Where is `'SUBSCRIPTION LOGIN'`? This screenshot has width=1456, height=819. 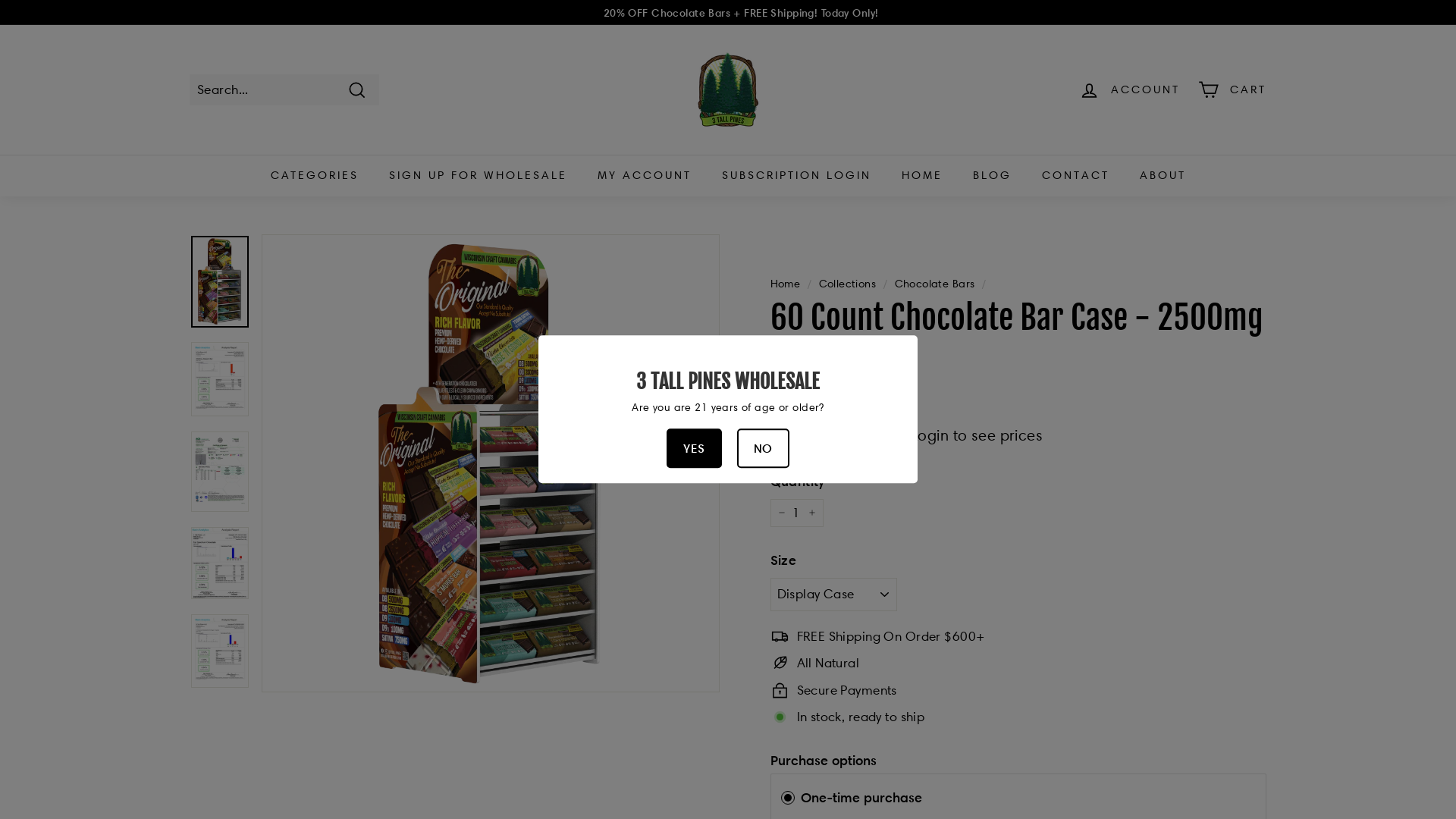 'SUBSCRIPTION LOGIN' is located at coordinates (795, 174).